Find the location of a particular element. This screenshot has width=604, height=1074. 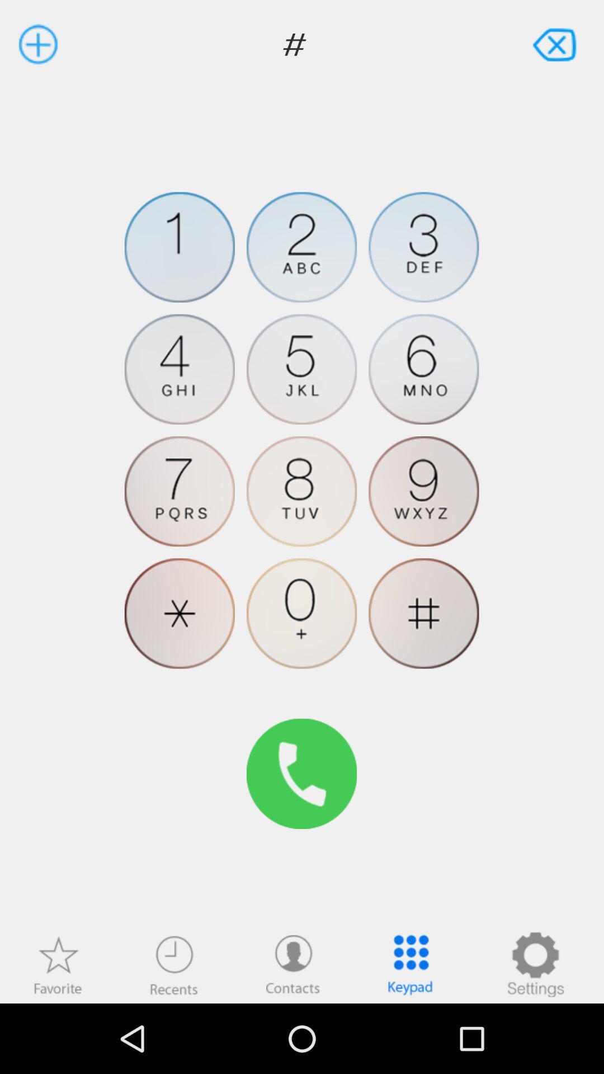

dial the number one is located at coordinates (179, 247).